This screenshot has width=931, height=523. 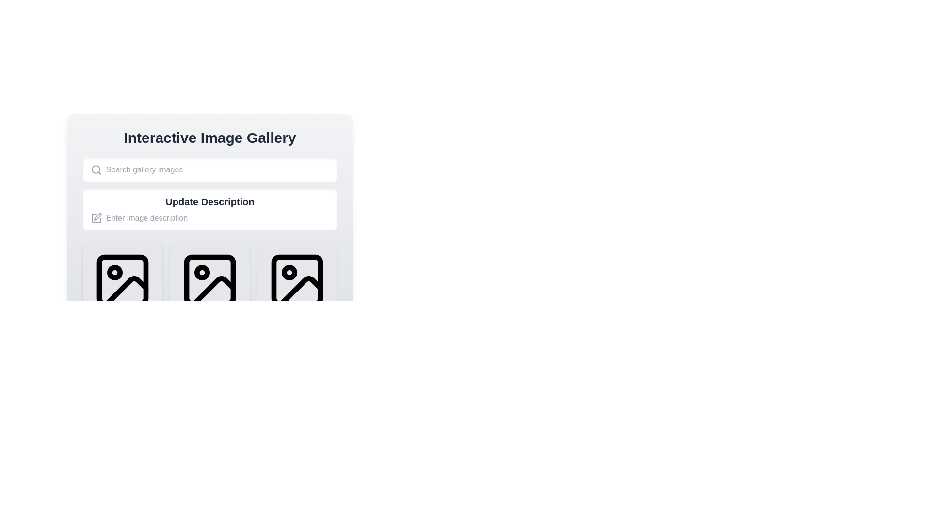 I want to click on the decorative visual element located in the bottom-left quadrant of the image icon, which is the leftmost among similar icons in the row, so click(x=126, y=291).